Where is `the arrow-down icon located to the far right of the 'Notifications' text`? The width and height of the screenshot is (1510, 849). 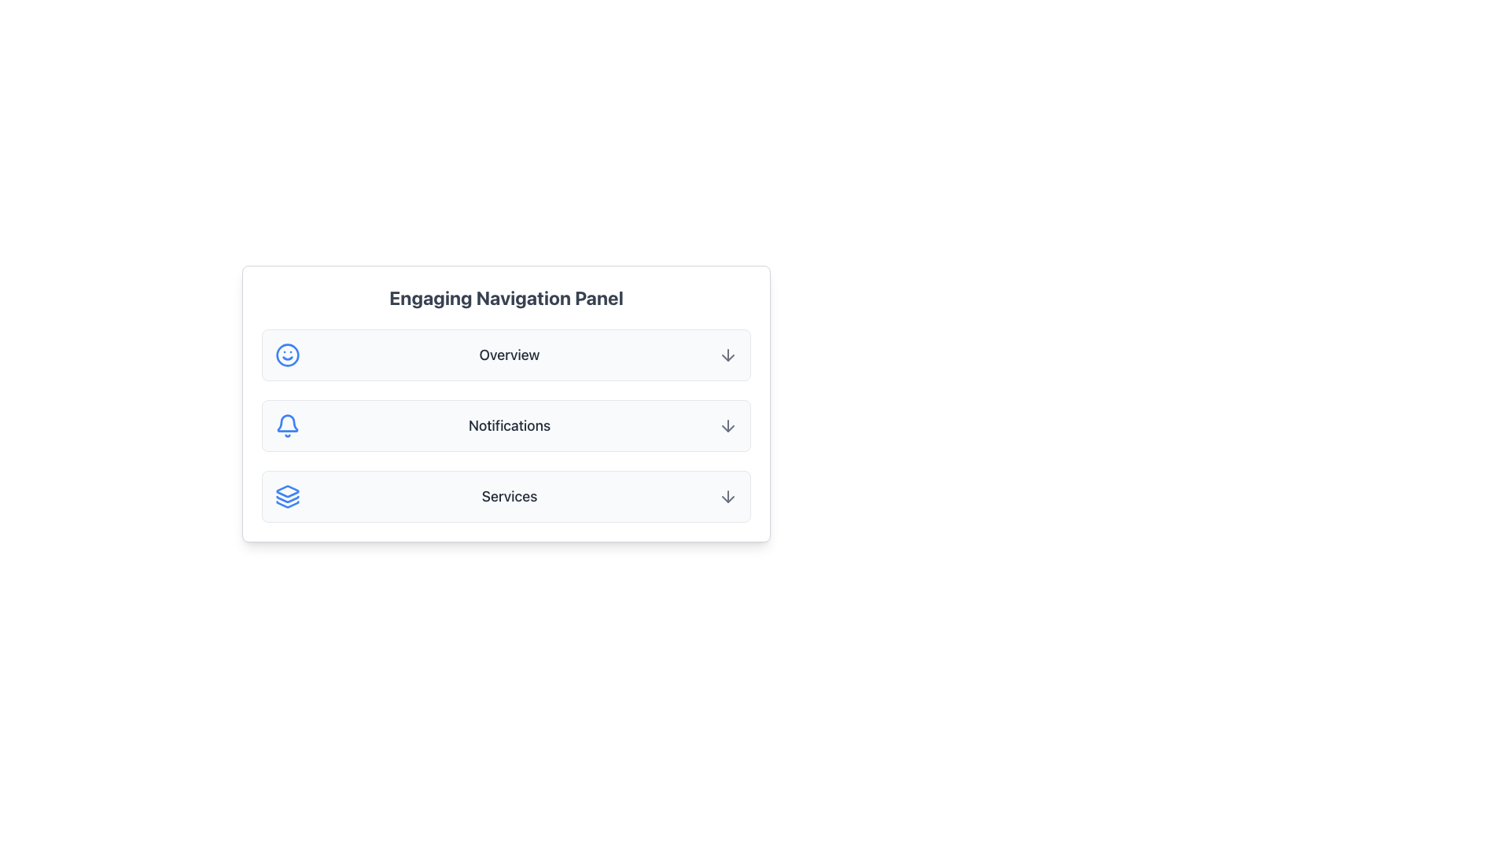 the arrow-down icon located to the far right of the 'Notifications' text is located at coordinates (727, 426).